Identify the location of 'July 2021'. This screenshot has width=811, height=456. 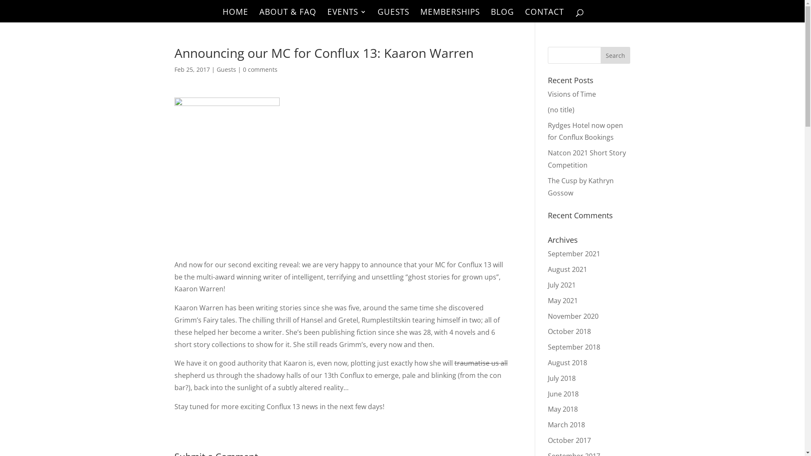
(547, 285).